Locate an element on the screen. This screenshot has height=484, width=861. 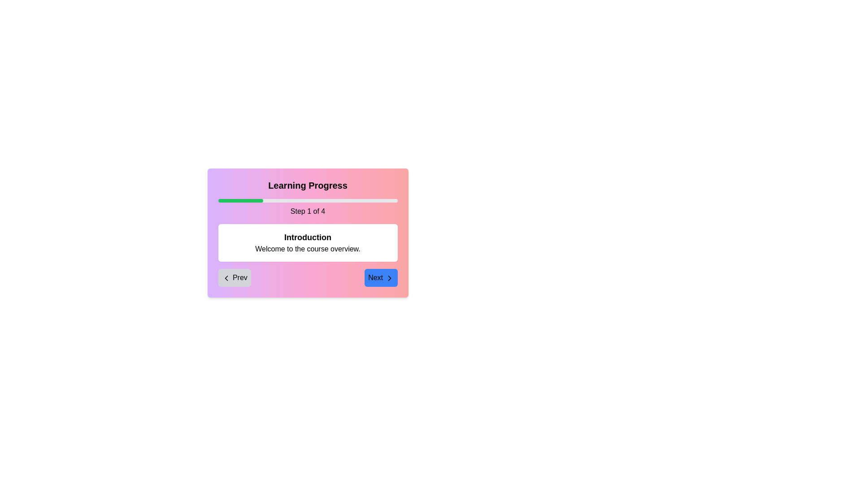
the Left-chevron icon inside the 'Prev' button located at the bottom-left corner of the card interface is located at coordinates (226, 277).